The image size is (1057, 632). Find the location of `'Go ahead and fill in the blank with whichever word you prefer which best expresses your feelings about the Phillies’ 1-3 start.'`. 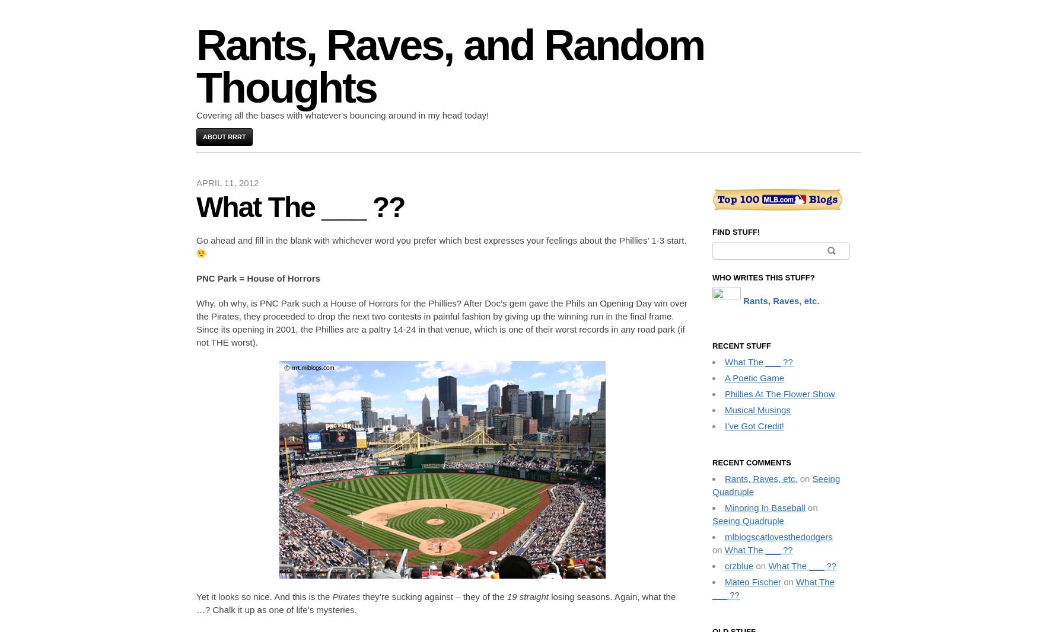

'Go ahead and fill in the blank with whichever word you prefer which best expresses your feelings about the Phillies’ 1-3 start.' is located at coordinates (441, 240).